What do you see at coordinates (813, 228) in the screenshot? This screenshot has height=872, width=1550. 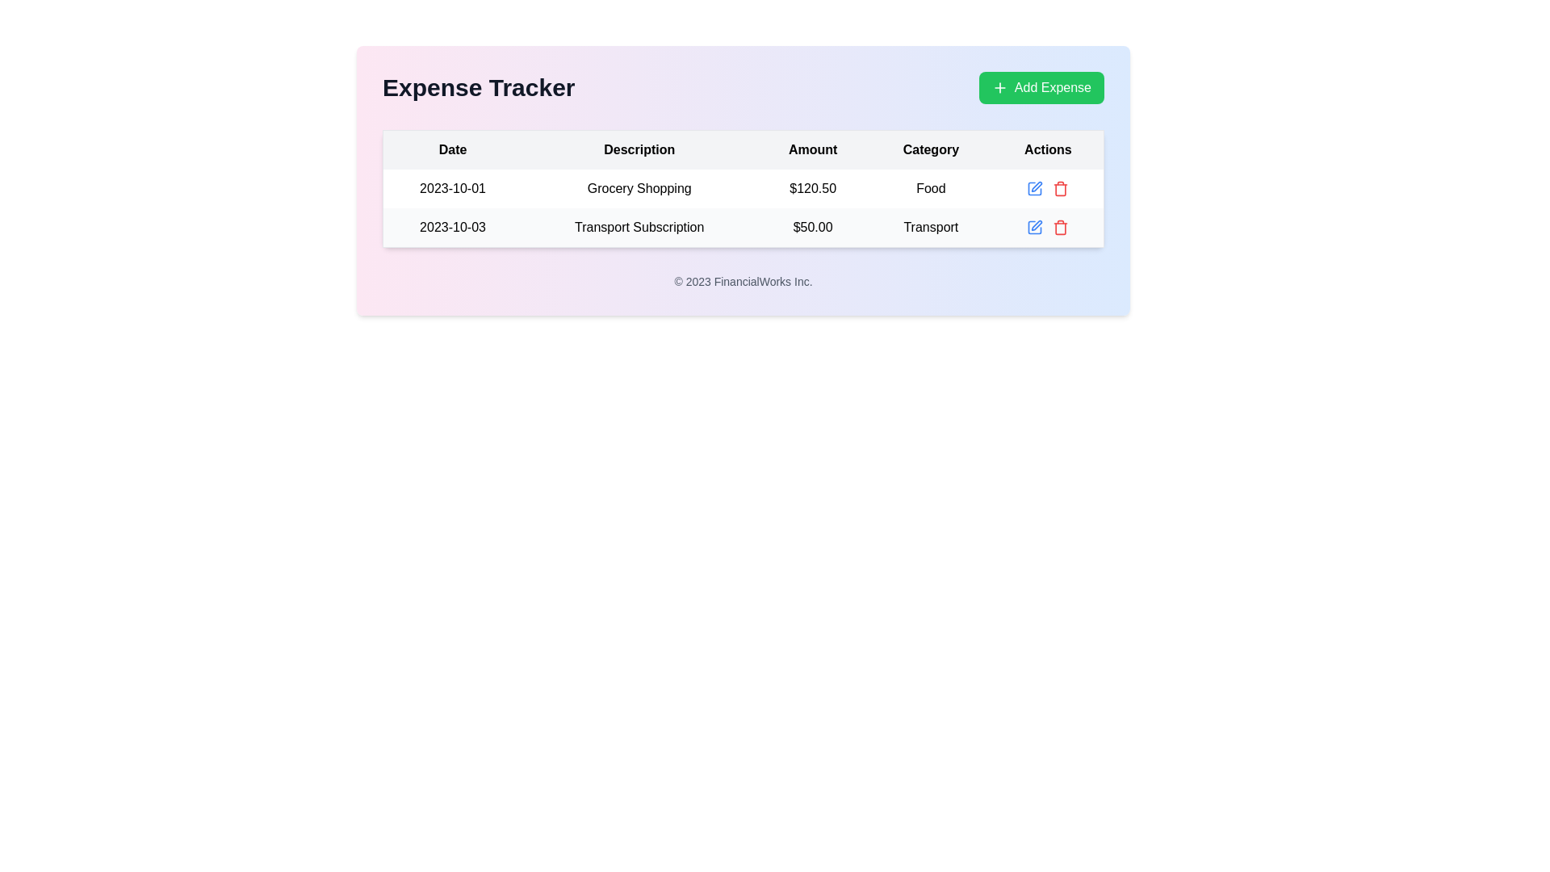 I see `the Text Label displaying the monetary value '$50.00' located in the 'Amount' column of the second row in the table` at bounding box center [813, 228].